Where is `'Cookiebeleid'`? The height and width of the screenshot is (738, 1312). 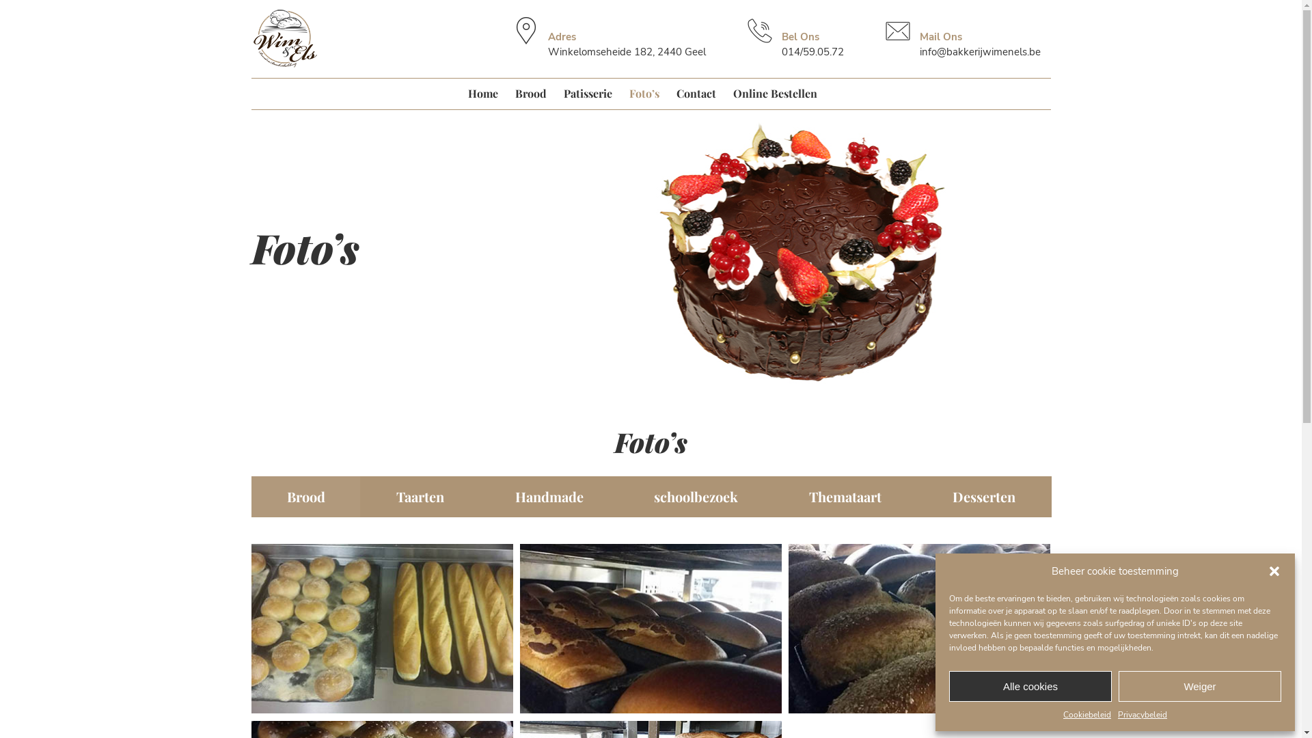 'Cookiebeleid' is located at coordinates (1086, 713).